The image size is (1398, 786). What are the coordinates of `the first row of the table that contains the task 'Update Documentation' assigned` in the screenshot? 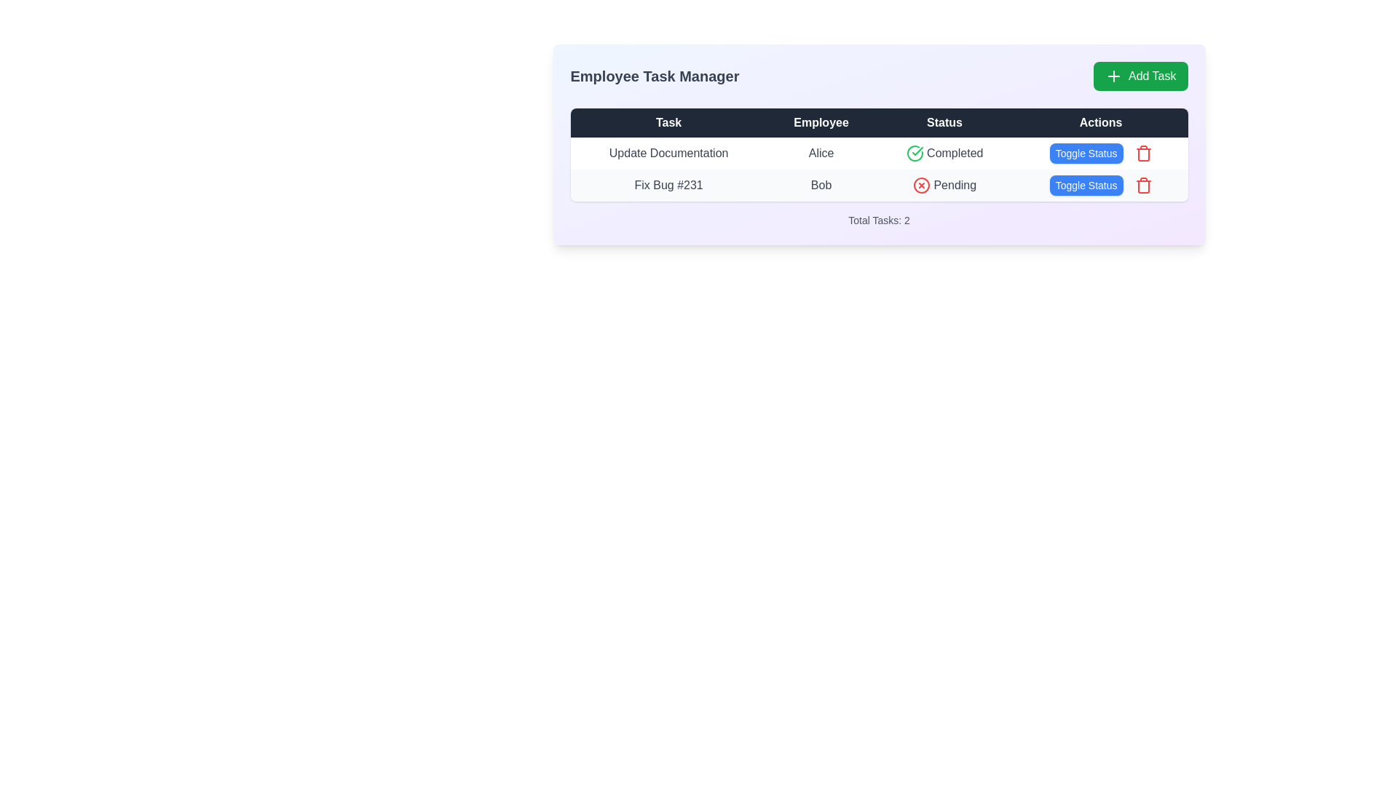 It's located at (878, 168).